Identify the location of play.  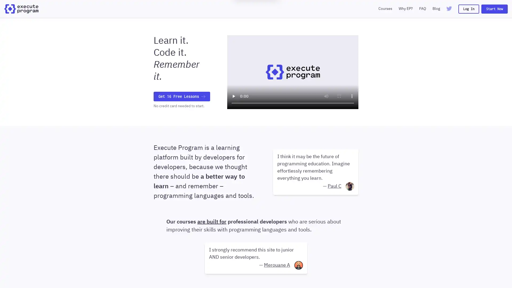
(233, 95).